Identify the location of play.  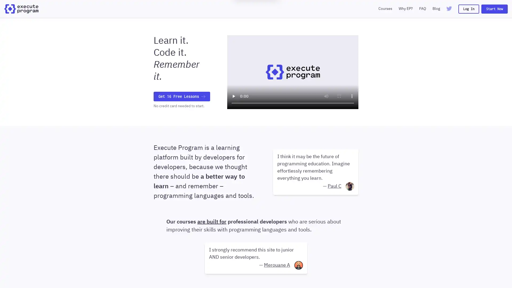
(233, 95).